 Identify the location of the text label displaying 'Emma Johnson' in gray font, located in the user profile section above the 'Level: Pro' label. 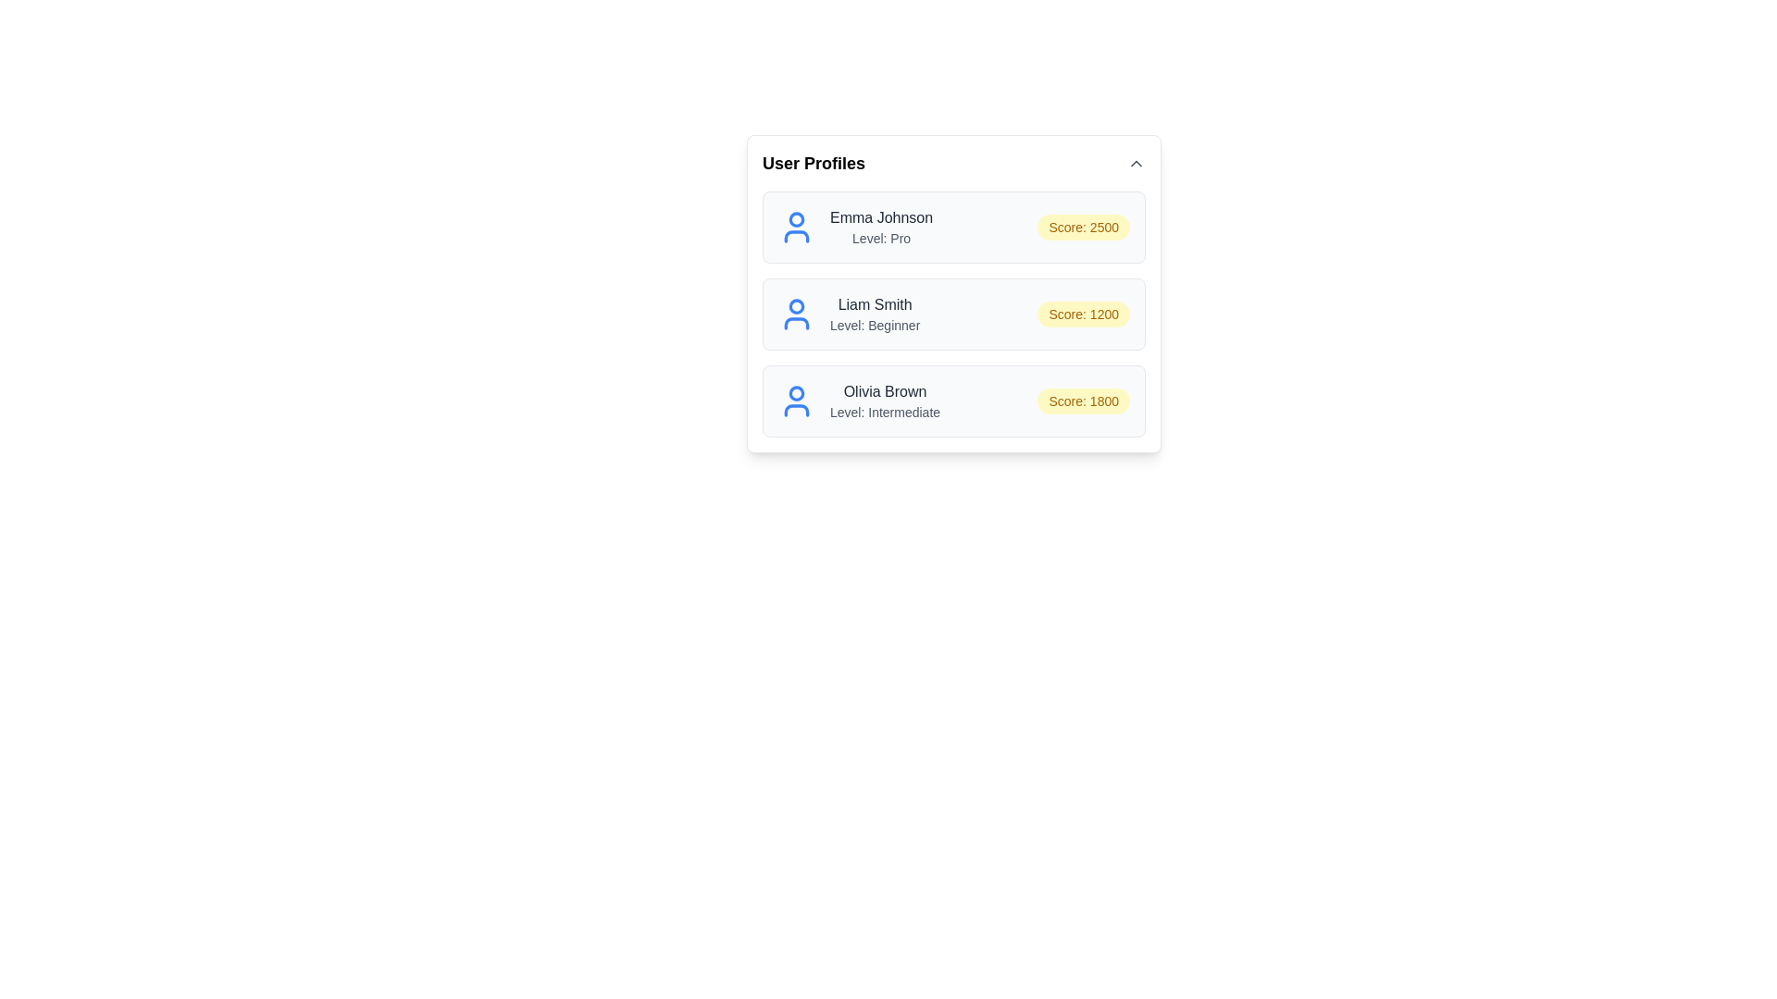
(880, 216).